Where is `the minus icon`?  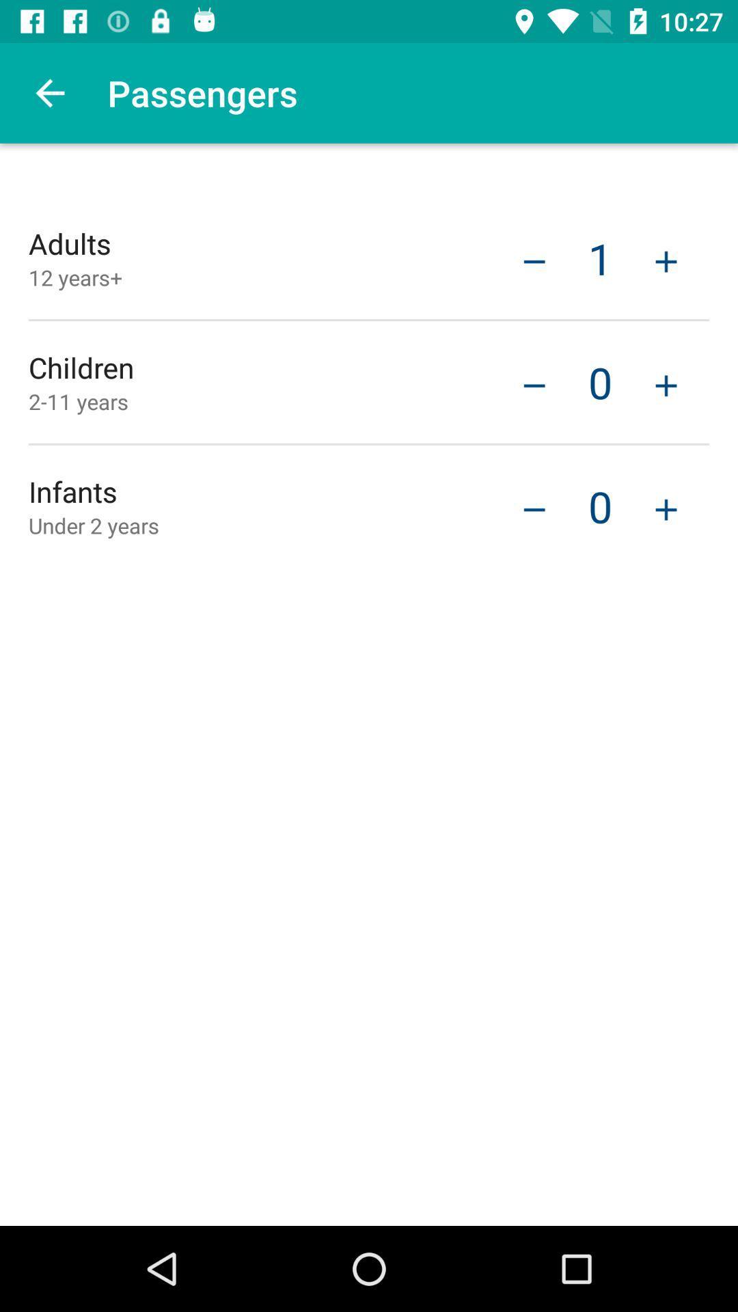
the minus icon is located at coordinates (534, 260).